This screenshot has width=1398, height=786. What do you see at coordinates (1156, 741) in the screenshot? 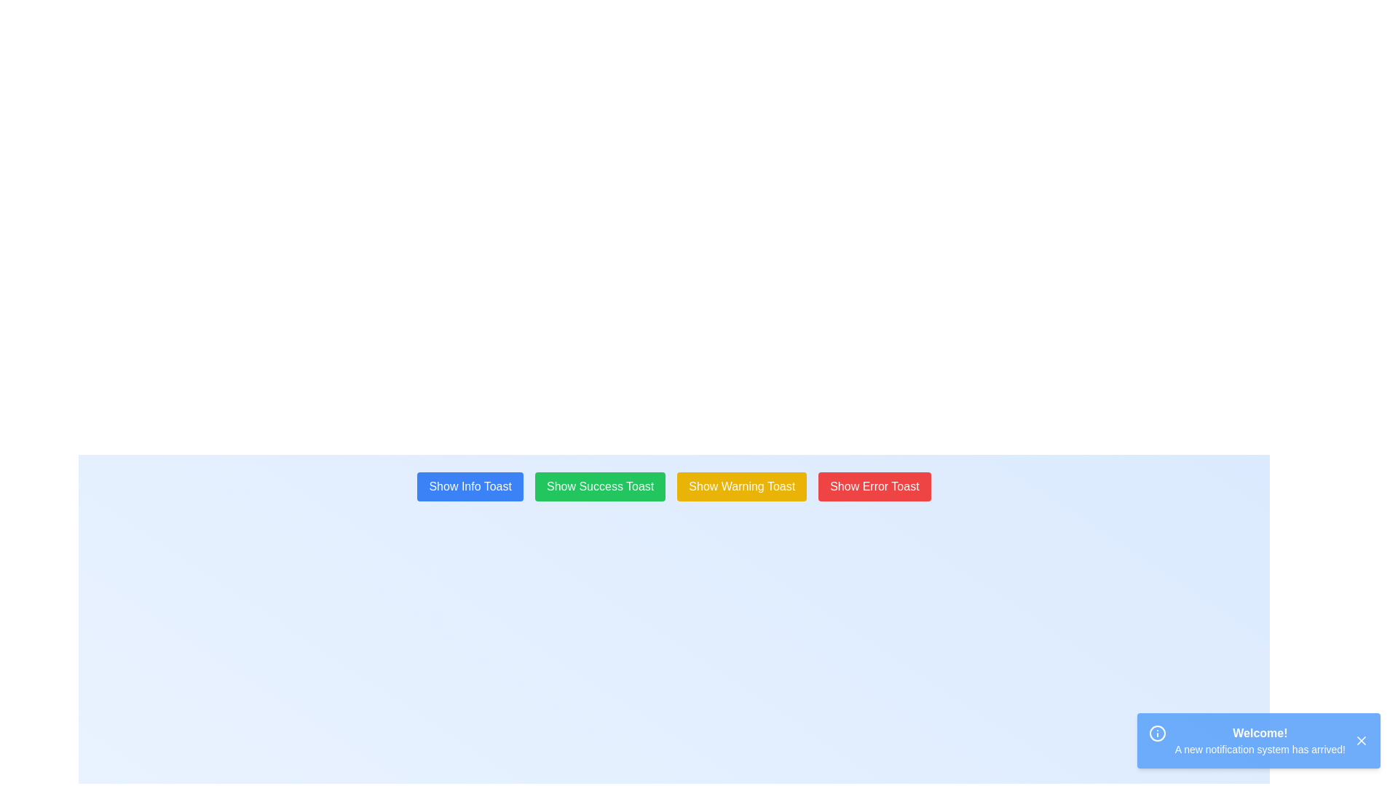
I see `the informational icon located in the bottom-right corner of the notification banner, positioned to the left of the message 'Welcome! A new notification system has arrived!'` at bounding box center [1156, 741].